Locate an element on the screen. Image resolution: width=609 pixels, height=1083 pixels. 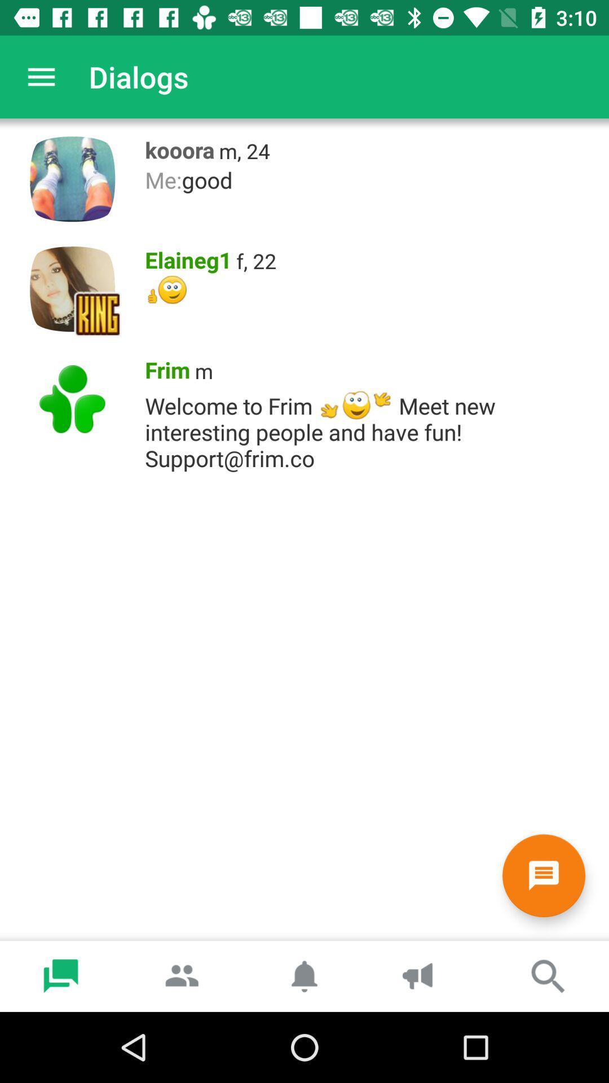
the icon below frim item is located at coordinates (371, 428).